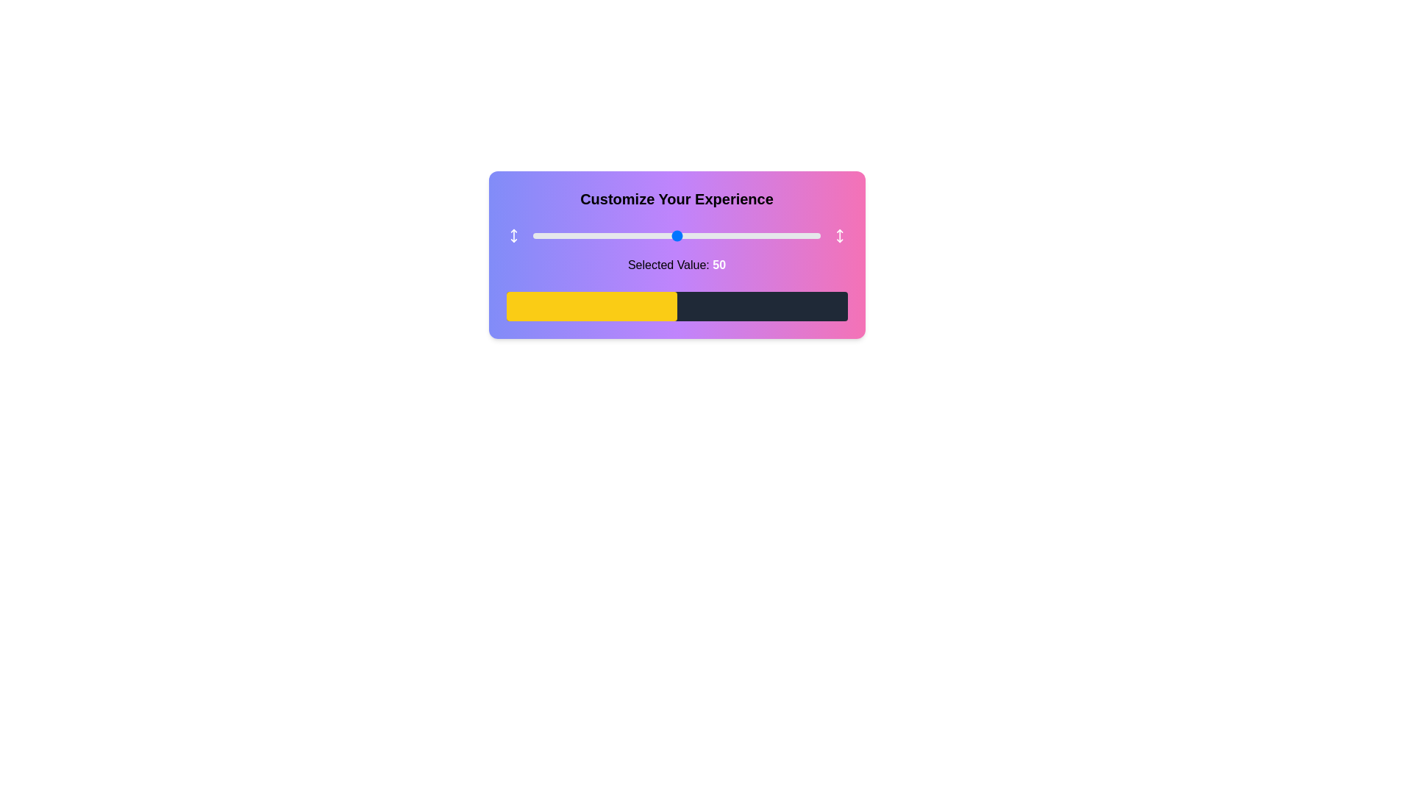  I want to click on the slider to set its value to 18, so click(584, 235).